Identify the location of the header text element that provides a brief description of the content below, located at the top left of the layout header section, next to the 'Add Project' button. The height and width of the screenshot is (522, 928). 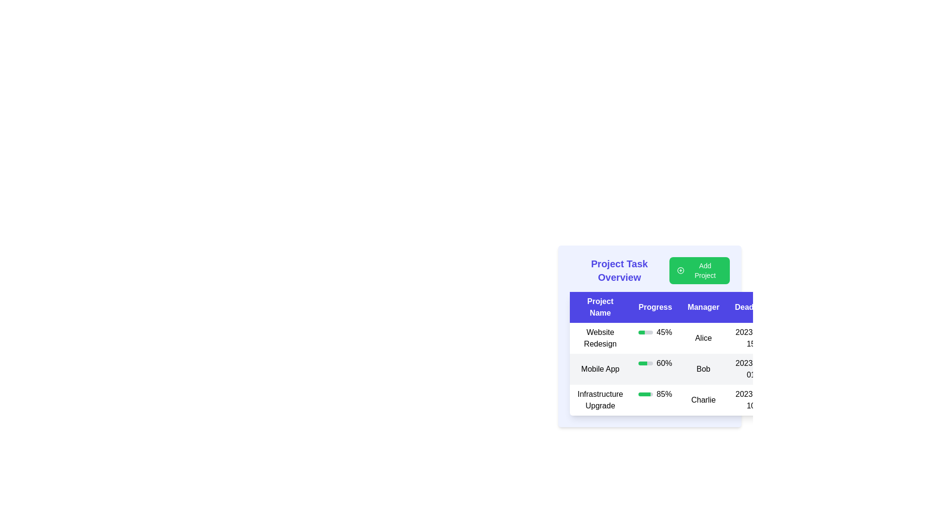
(619, 270).